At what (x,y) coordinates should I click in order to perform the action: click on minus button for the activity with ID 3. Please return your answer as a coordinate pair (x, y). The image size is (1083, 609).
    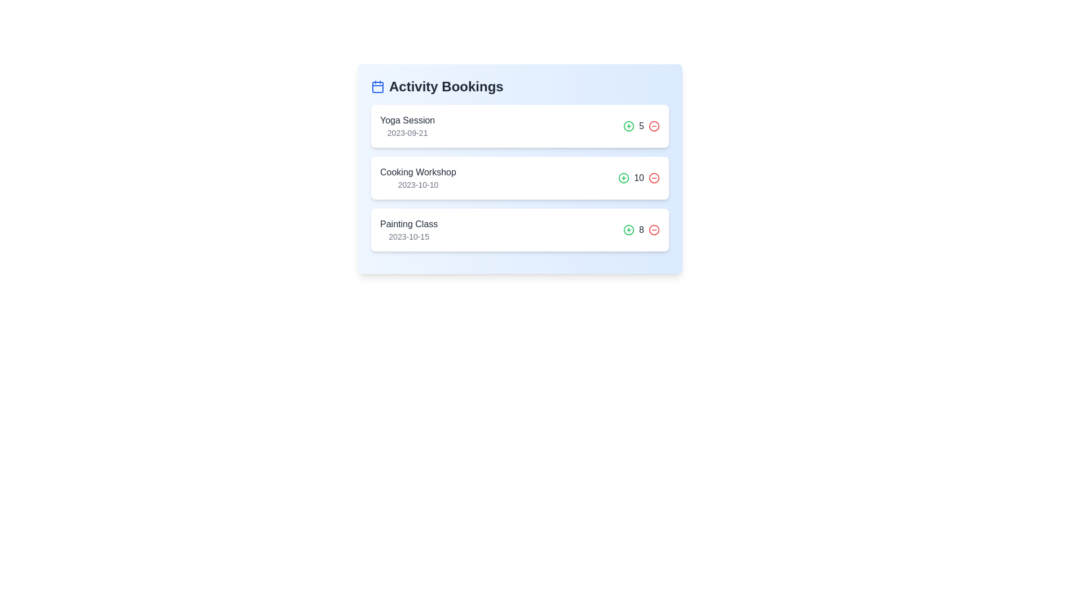
    Looking at the image, I should click on (654, 230).